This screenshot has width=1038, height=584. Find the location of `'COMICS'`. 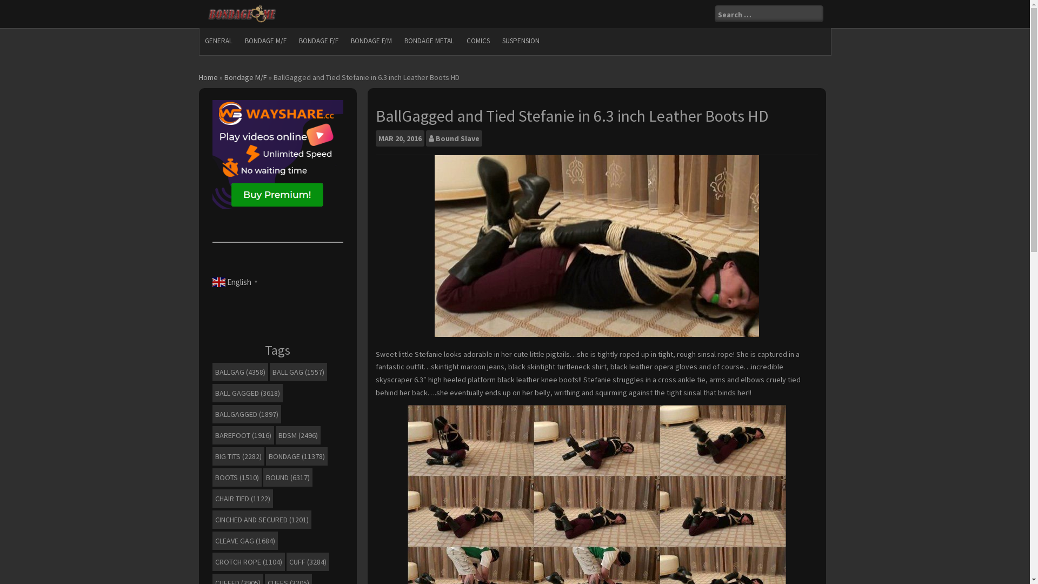

'COMICS' is located at coordinates (477, 41).